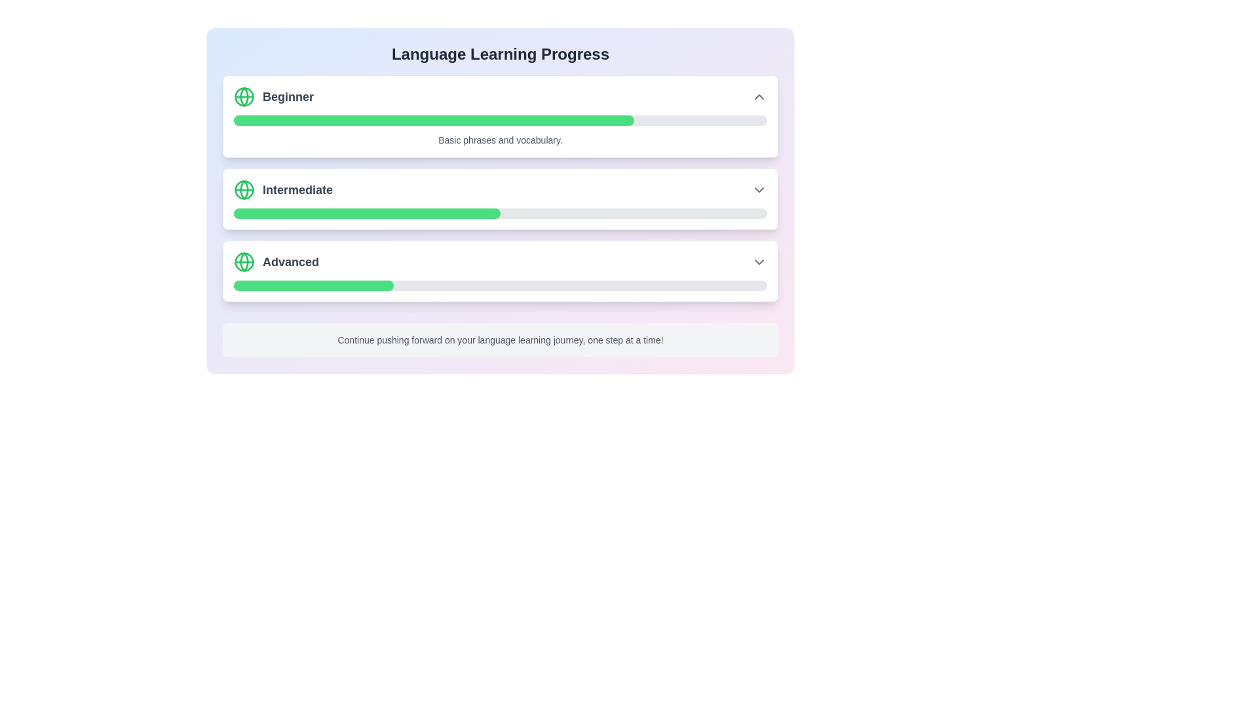  I want to click on the 'Beginner' level category indicator text element, which is the first header item in the language learning progress interface, so click(273, 96).